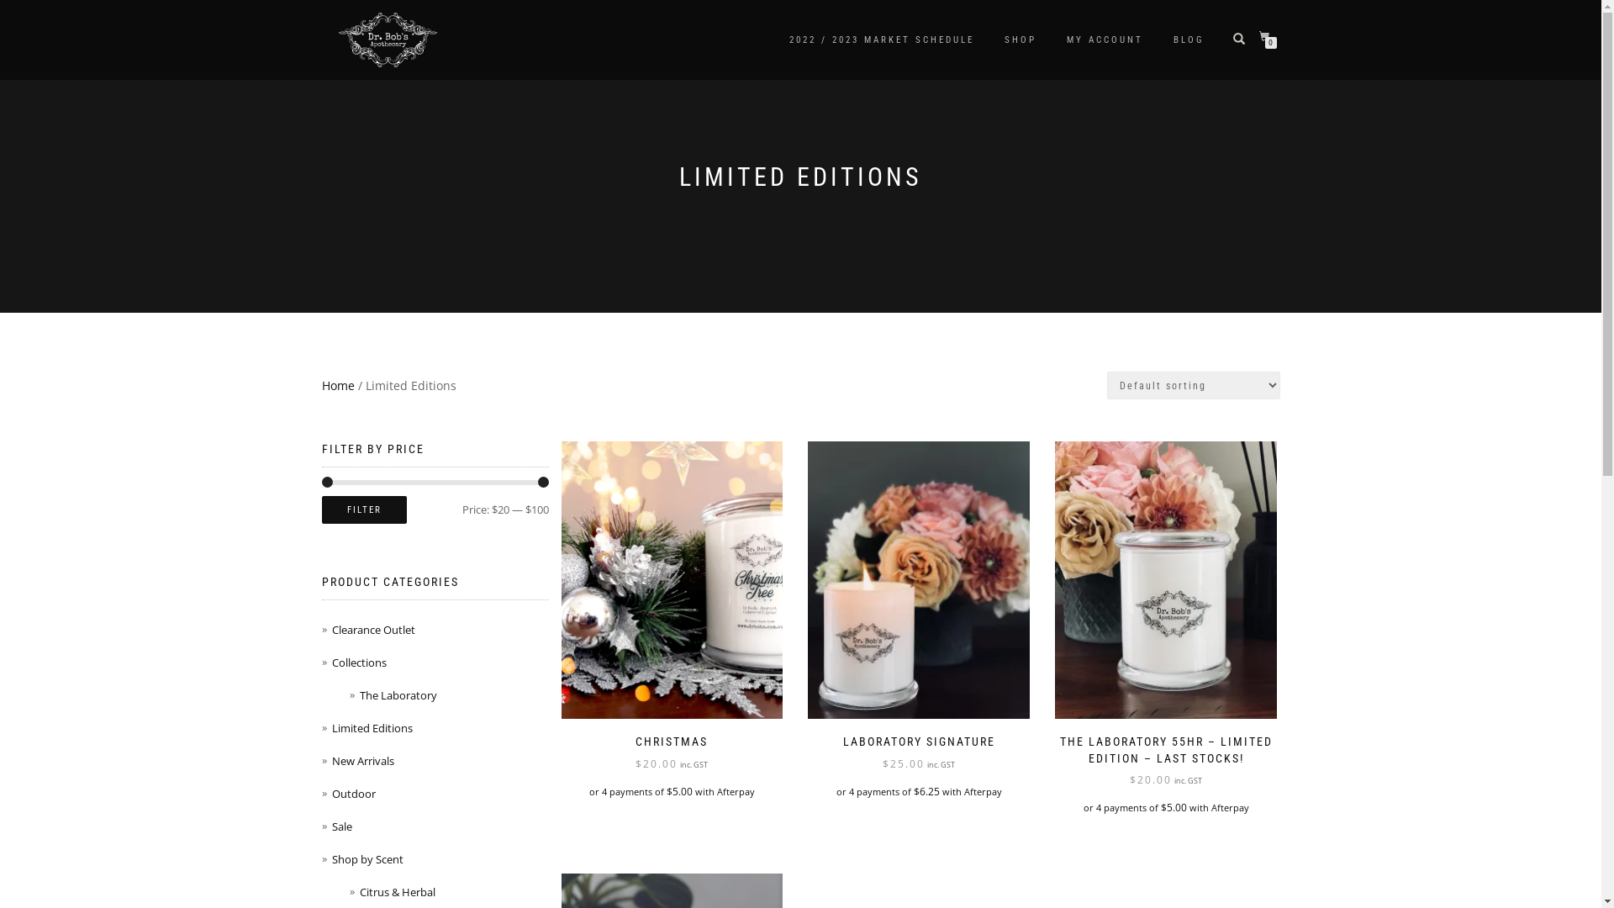  Describe the element at coordinates (352, 794) in the screenshot. I see `'Outdoor'` at that location.